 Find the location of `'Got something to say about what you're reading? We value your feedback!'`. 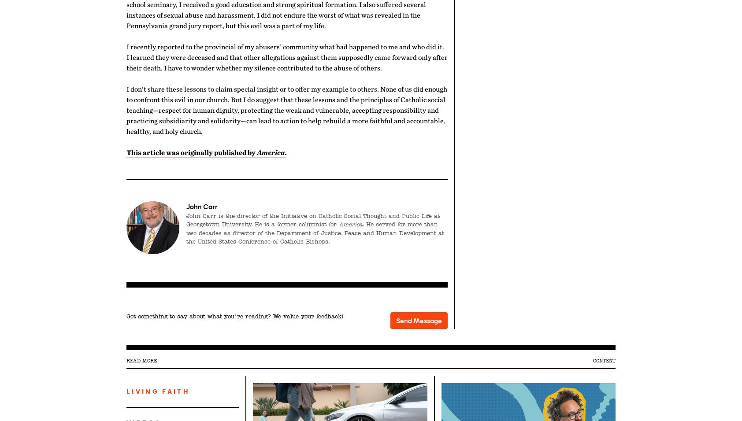

'Got something to say about what you're reading? We value your feedback!' is located at coordinates (234, 316).